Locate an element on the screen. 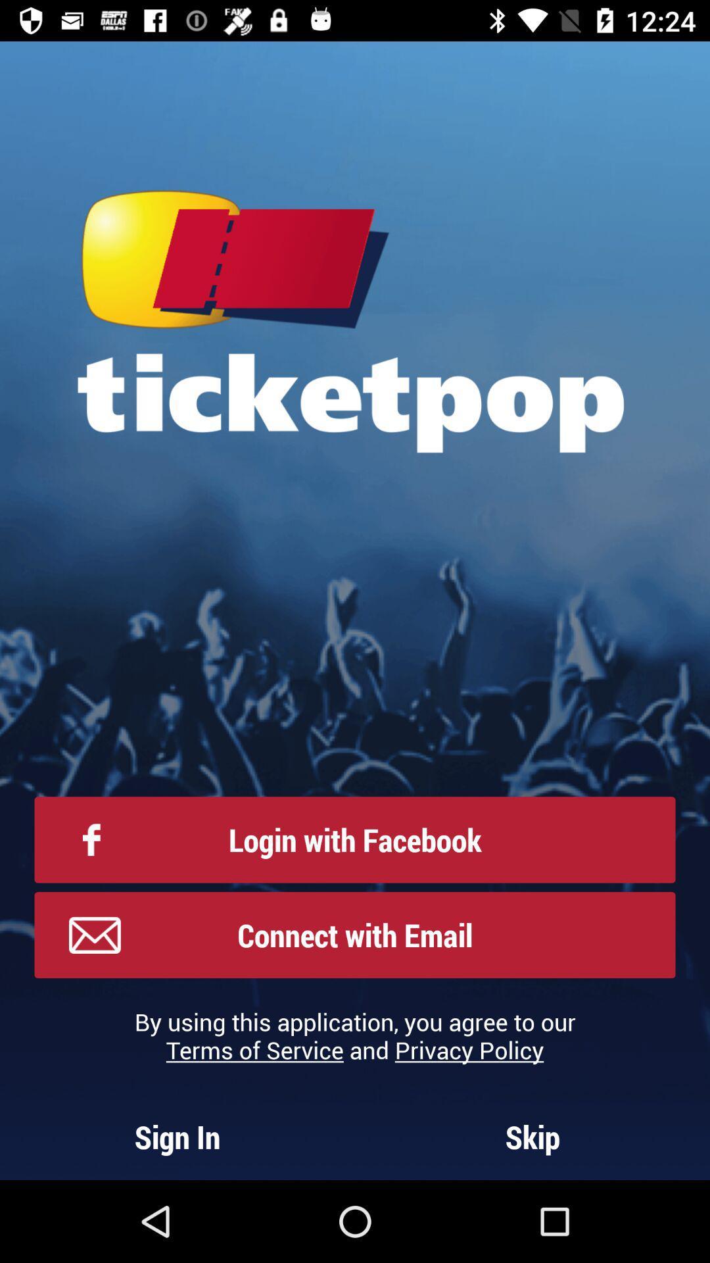 The image size is (710, 1263). item to the right of the sign in item is located at coordinates (532, 1136).